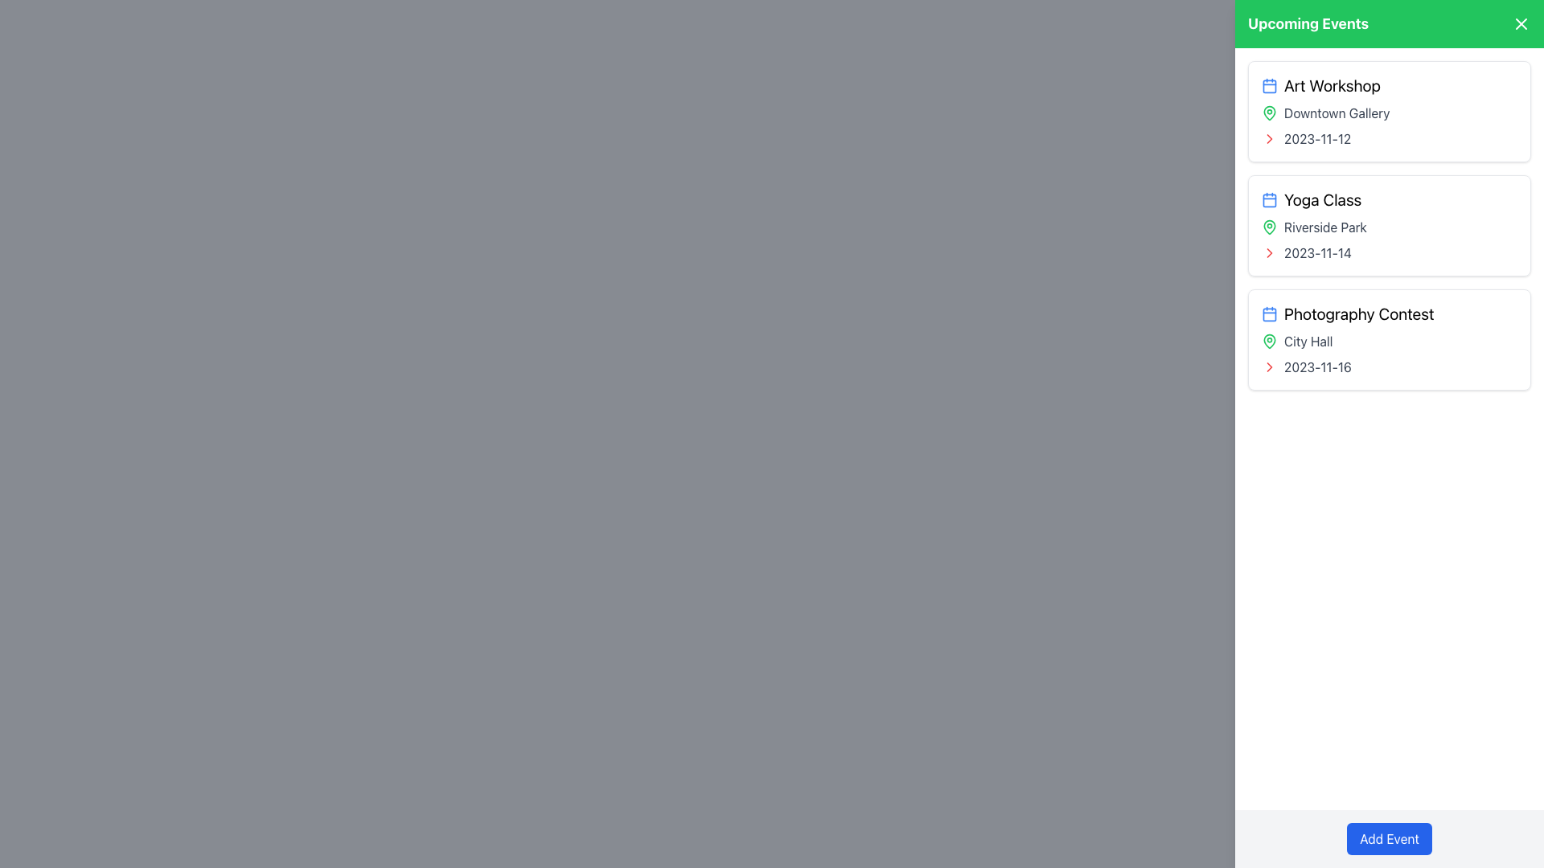  Describe the element at coordinates (1389, 226) in the screenshot. I see `the second item in the 'Upcoming Events' list` at that location.